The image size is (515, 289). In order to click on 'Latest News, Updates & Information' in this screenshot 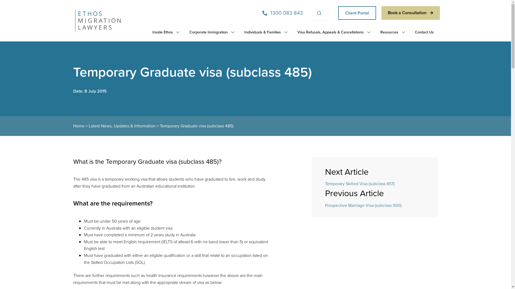, I will do `click(122, 126)`.